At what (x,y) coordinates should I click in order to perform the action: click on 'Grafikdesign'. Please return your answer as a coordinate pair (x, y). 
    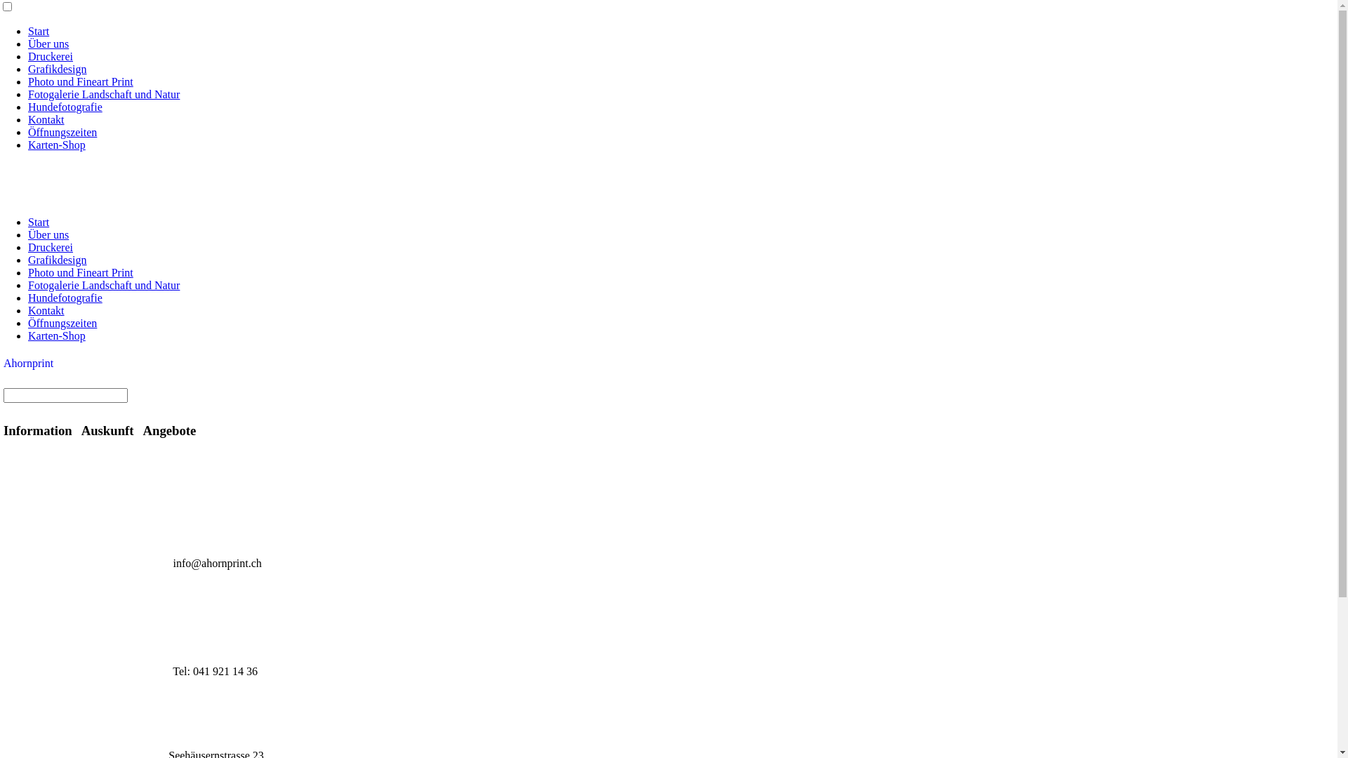
    Looking at the image, I should click on (56, 260).